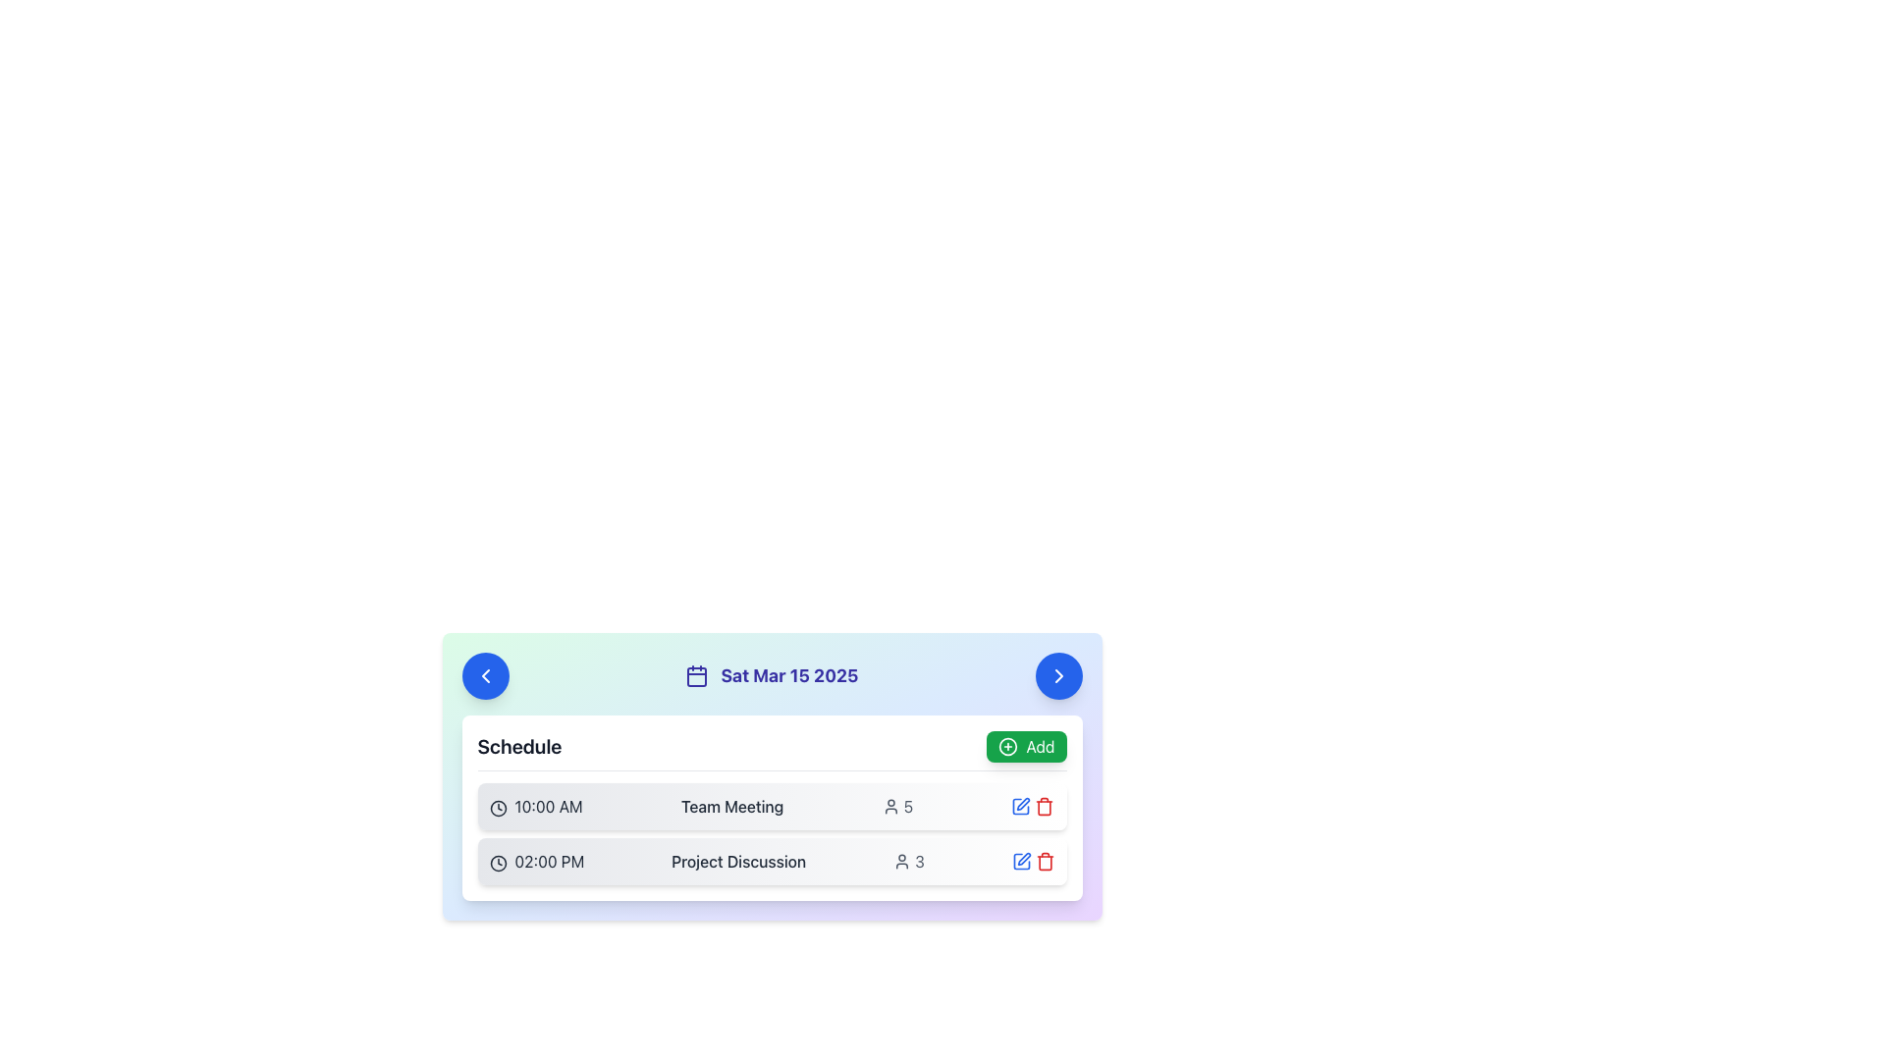 This screenshot has width=1885, height=1060. What do you see at coordinates (485, 675) in the screenshot?
I see `the leftward-pointing chevron icon rendered in white on a blue circular background located at the top-left corner of the card interface` at bounding box center [485, 675].